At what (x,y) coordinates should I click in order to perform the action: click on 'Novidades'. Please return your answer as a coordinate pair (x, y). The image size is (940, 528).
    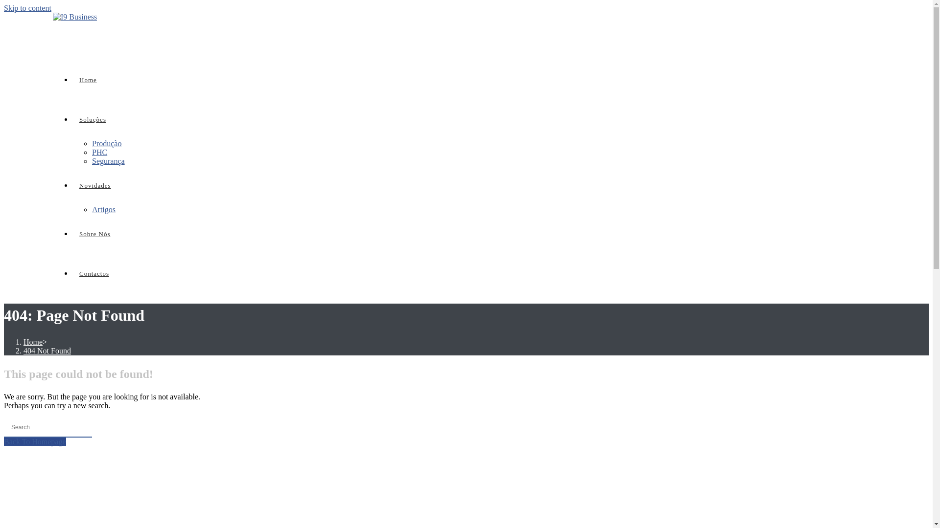
    Looking at the image, I should click on (95, 185).